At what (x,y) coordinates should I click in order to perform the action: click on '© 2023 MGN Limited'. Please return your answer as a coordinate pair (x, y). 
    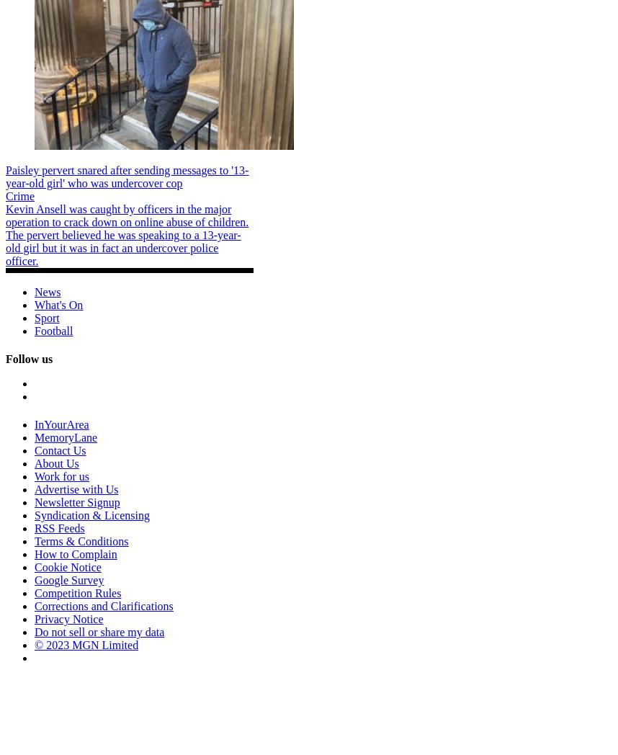
    Looking at the image, I should click on (86, 644).